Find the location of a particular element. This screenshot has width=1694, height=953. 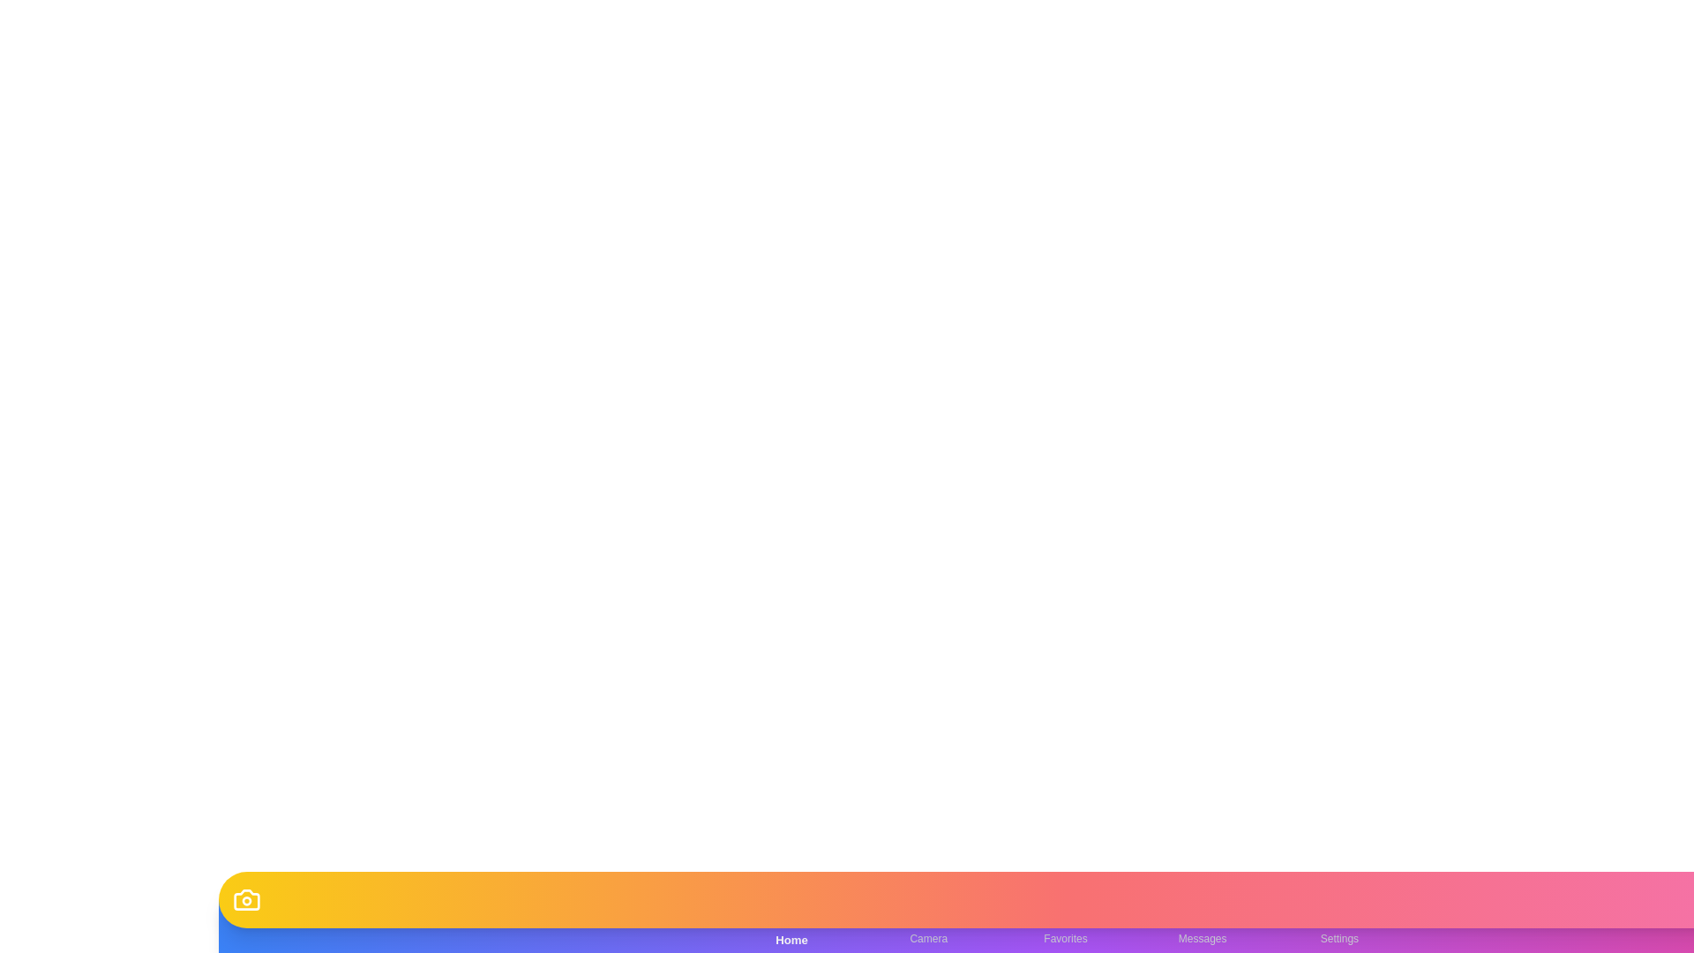

the Camera tab in the bottom navigation bar is located at coordinates (927, 925).